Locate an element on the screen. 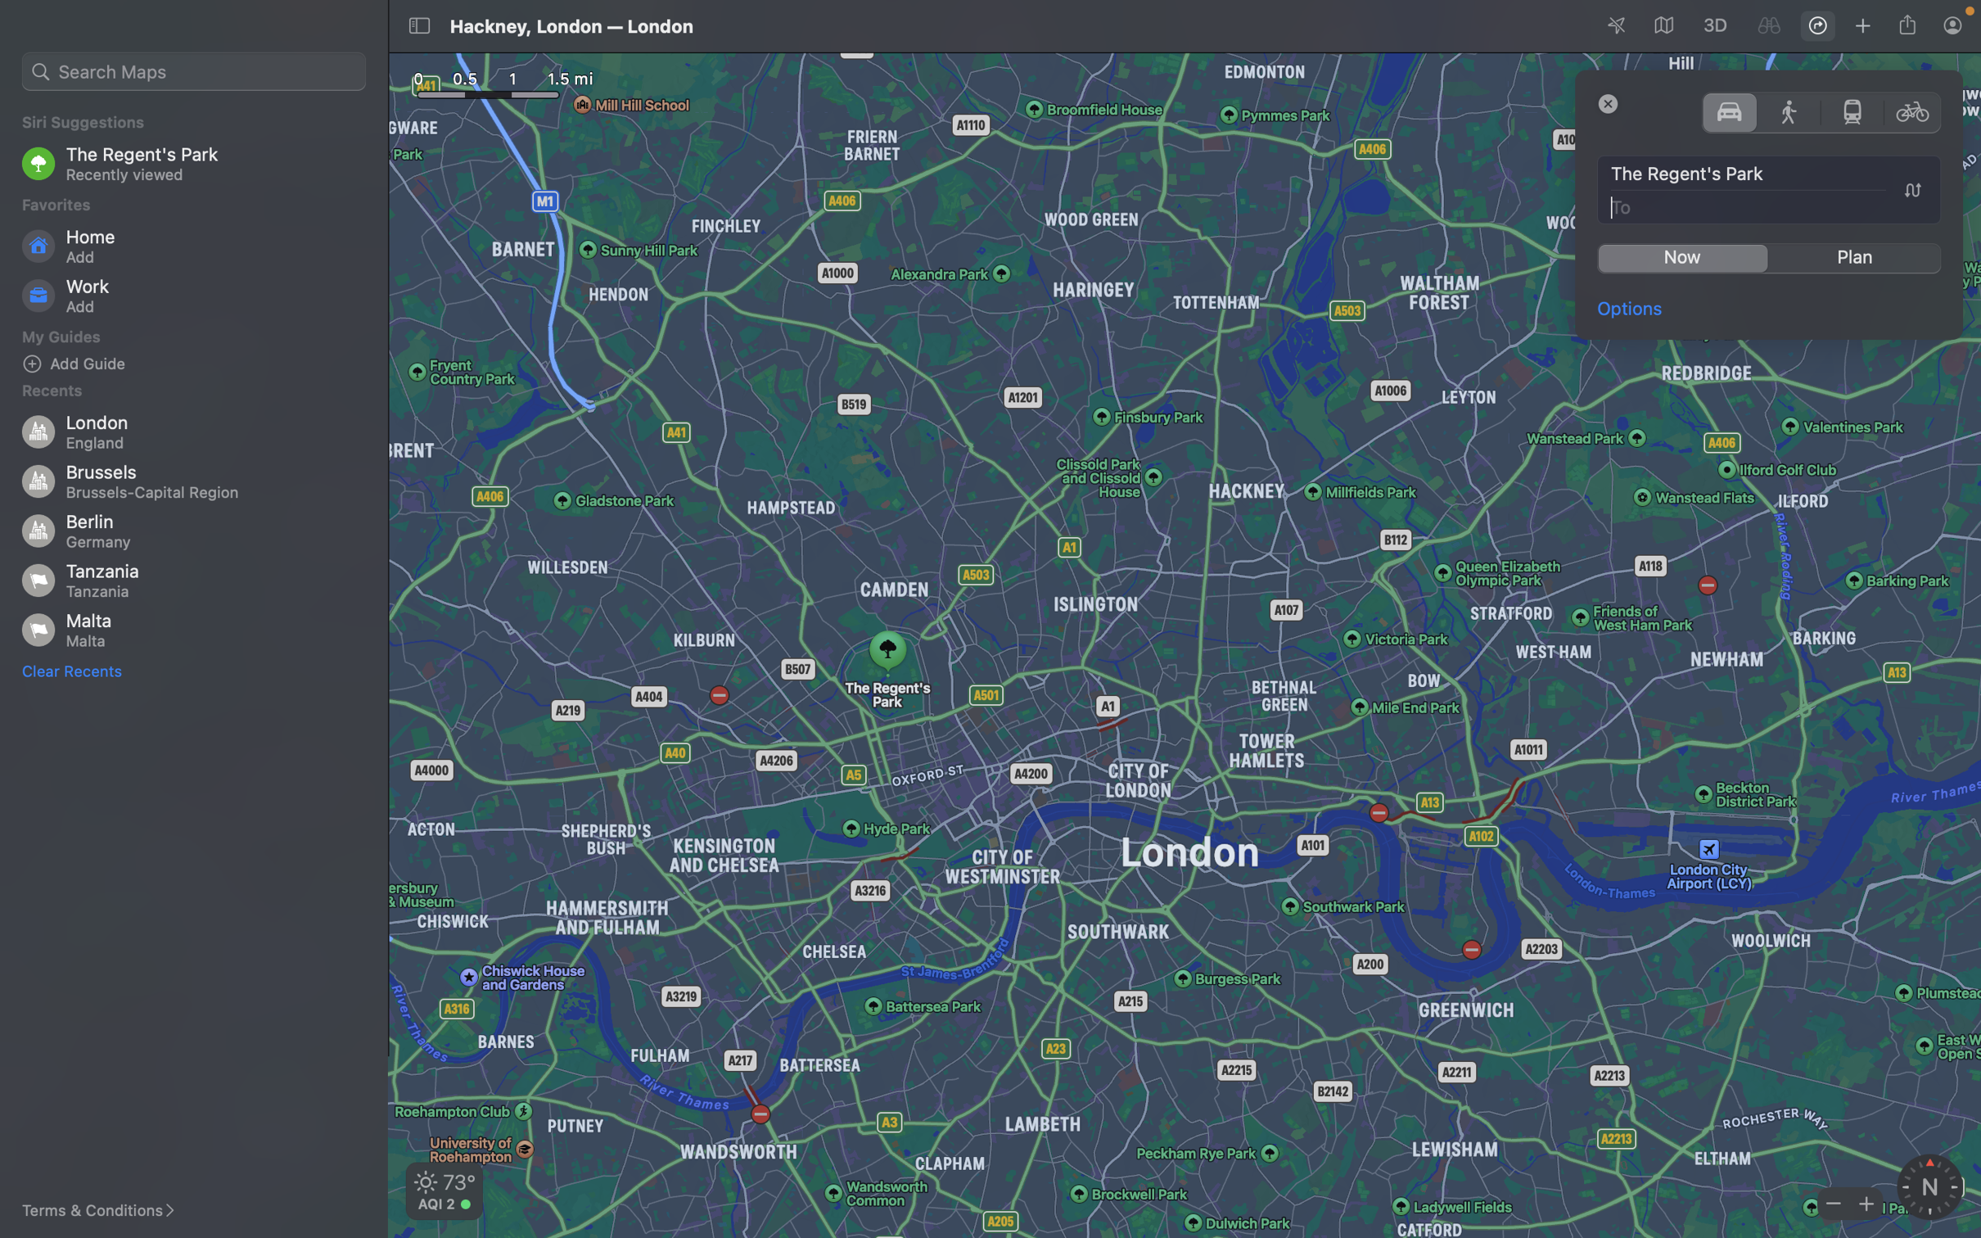 Image resolution: width=1981 pixels, height=1238 pixels. Input your starting point of "New York City" into the "start location" field by clicking on the field and typing is located at coordinates (1770, 174).